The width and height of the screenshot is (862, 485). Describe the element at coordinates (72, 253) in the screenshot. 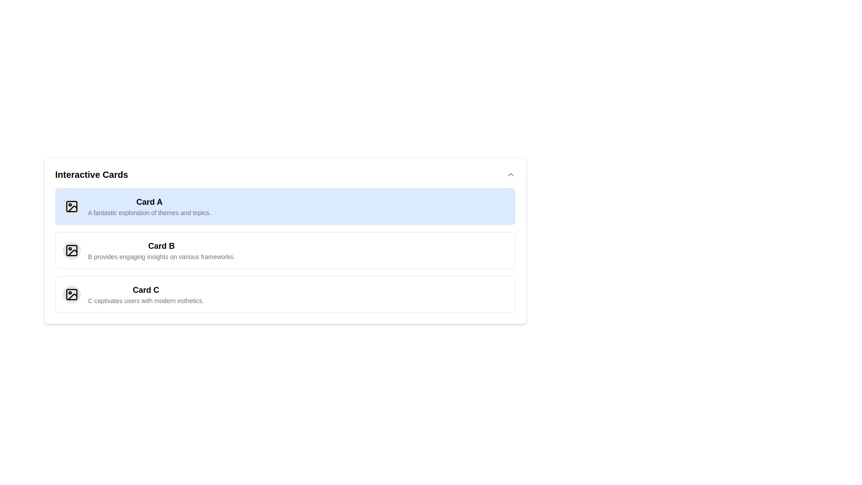

I see `the Icon component, which is a part of an SVG image styled with strokes and curved paths, located in the second card item labeled 'Card B' as the third sibling element` at that location.